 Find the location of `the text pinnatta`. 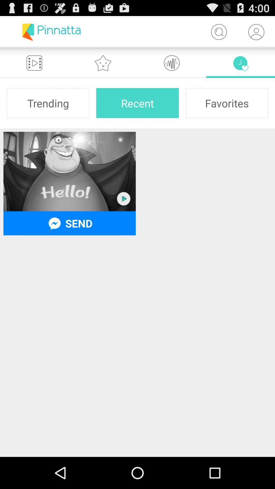

the text pinnatta is located at coordinates (51, 32).